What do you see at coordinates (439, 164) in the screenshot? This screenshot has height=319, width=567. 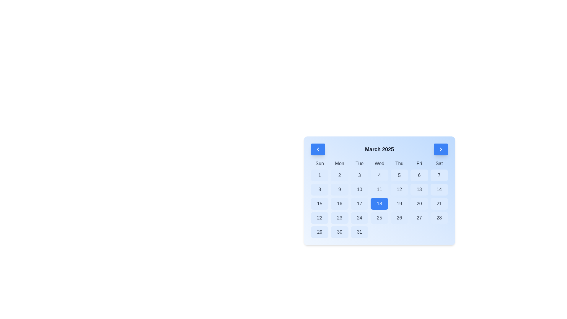 I see `the Saturday text label in the calendar interface, which is the last item in a horizontal sequence of day abbreviations` at bounding box center [439, 164].